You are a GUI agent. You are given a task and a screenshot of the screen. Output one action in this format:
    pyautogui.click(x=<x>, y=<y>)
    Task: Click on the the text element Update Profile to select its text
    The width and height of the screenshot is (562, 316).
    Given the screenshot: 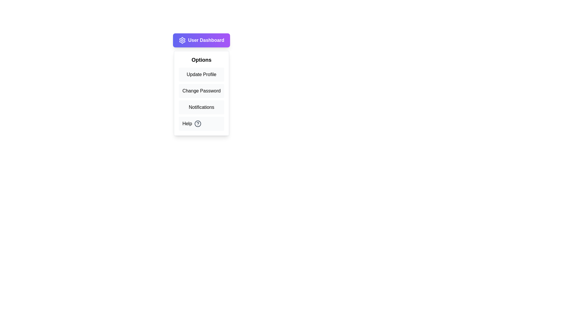 What is the action you would take?
    pyautogui.click(x=201, y=74)
    